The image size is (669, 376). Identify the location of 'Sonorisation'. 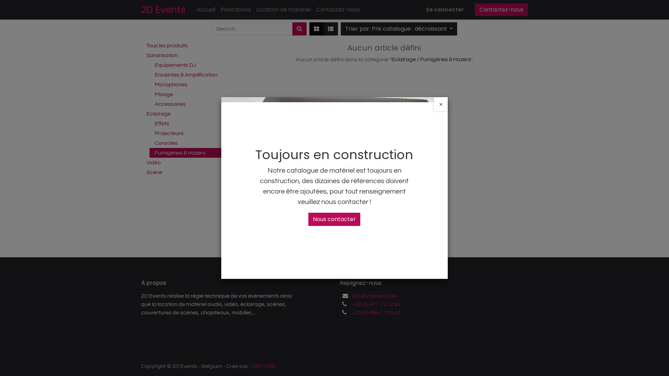
(185, 55).